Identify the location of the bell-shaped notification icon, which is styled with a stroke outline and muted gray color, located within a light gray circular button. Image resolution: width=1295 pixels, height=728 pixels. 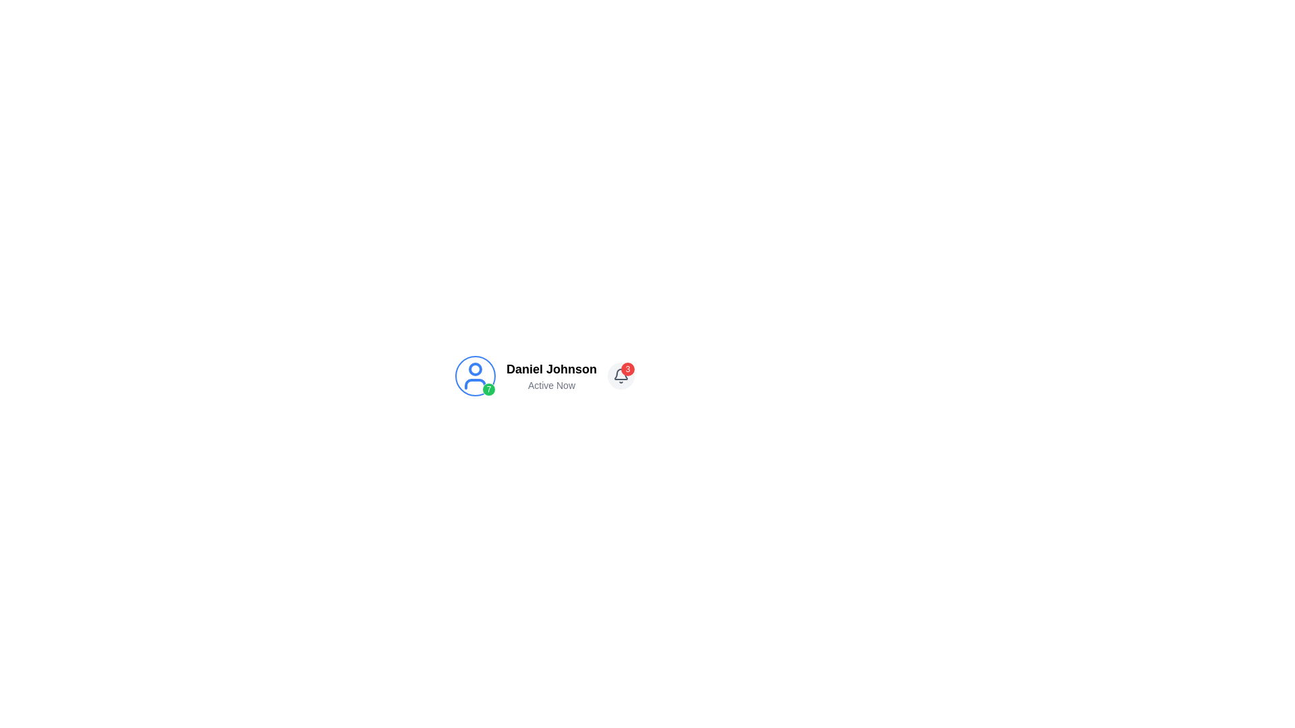
(621, 376).